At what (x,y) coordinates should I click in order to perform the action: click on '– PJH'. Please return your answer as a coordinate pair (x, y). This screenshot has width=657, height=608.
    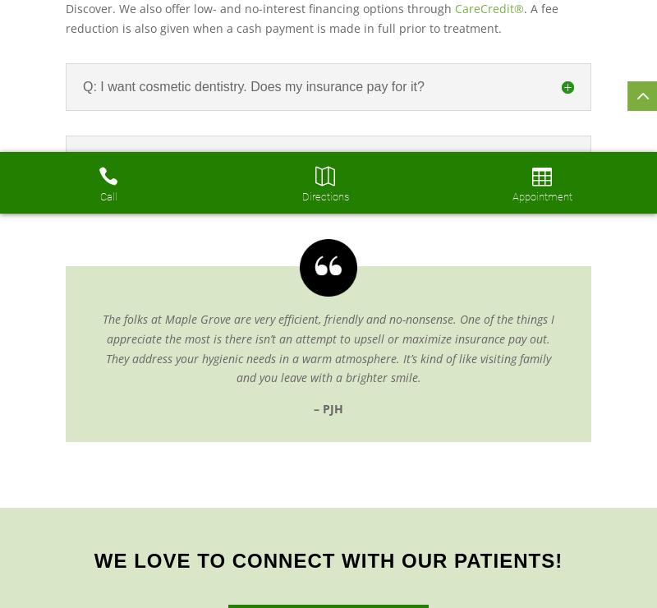
    Looking at the image, I should click on (328, 408).